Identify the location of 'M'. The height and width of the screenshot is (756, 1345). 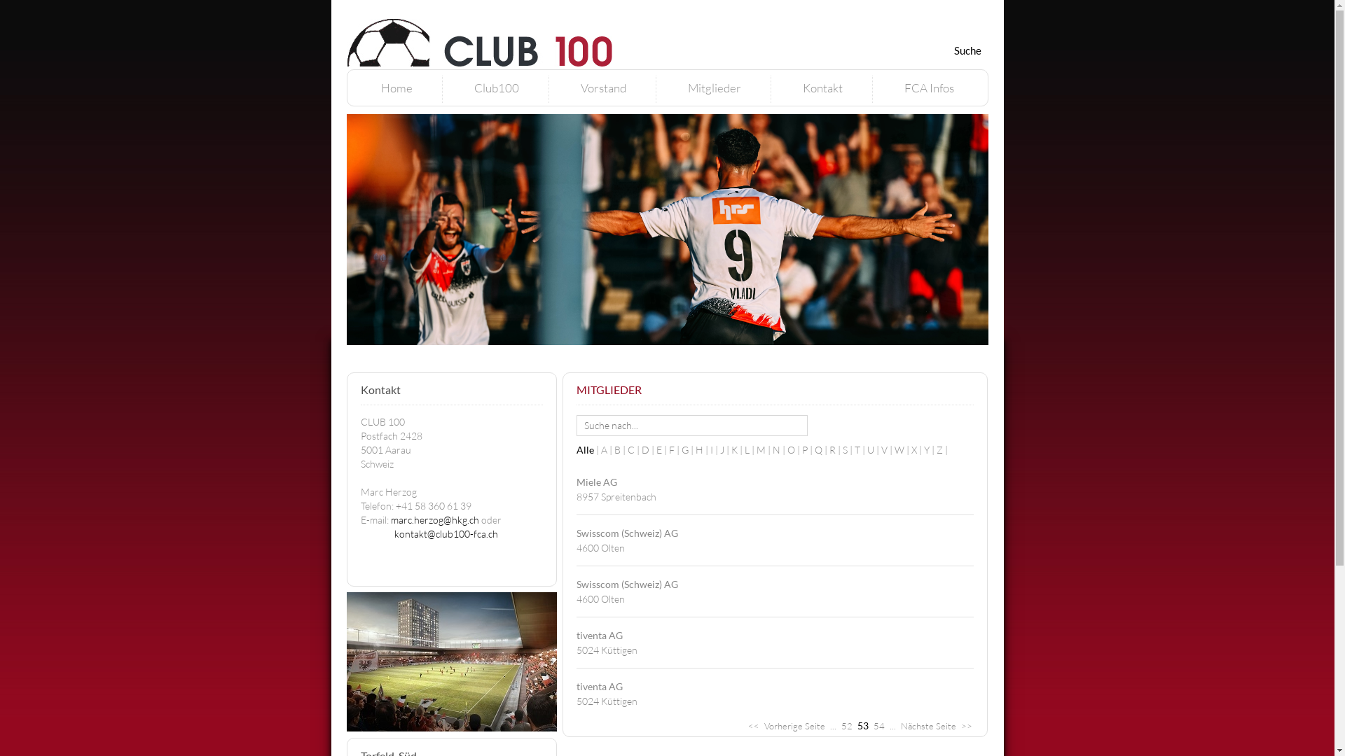
(764, 449).